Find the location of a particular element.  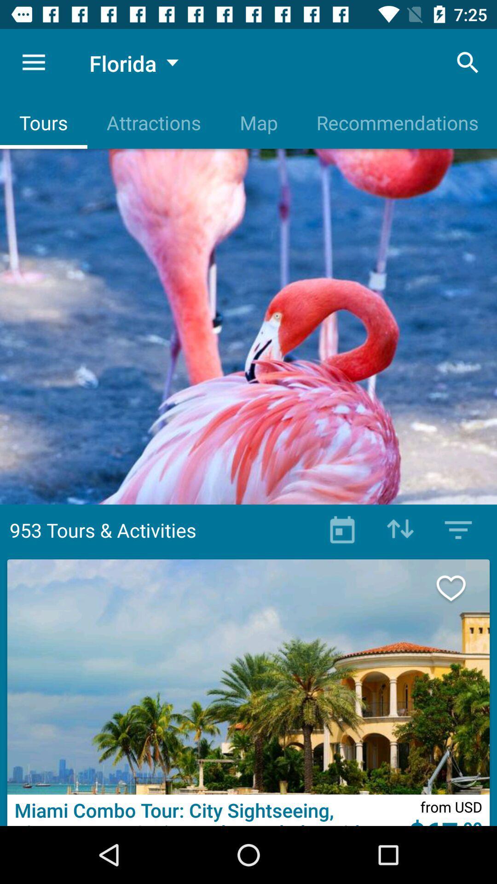

book is located at coordinates (342, 530).